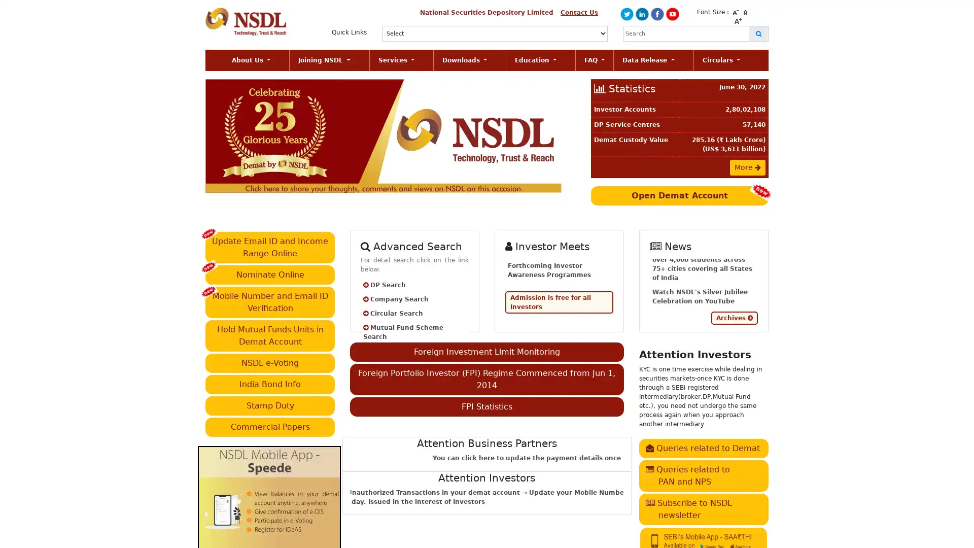  Describe the element at coordinates (747, 166) in the screenshot. I see `More` at that location.